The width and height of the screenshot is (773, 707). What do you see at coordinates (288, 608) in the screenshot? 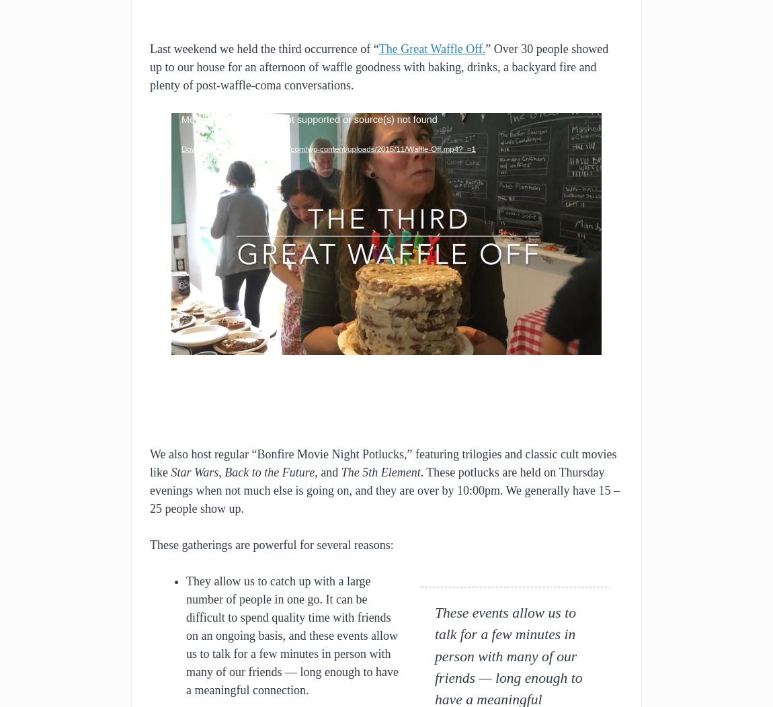
I see `'They allow us to catch up with a large number of people in one go. It can be difficult to spend quality time with friends on an ongoing basis, and'` at bounding box center [288, 608].